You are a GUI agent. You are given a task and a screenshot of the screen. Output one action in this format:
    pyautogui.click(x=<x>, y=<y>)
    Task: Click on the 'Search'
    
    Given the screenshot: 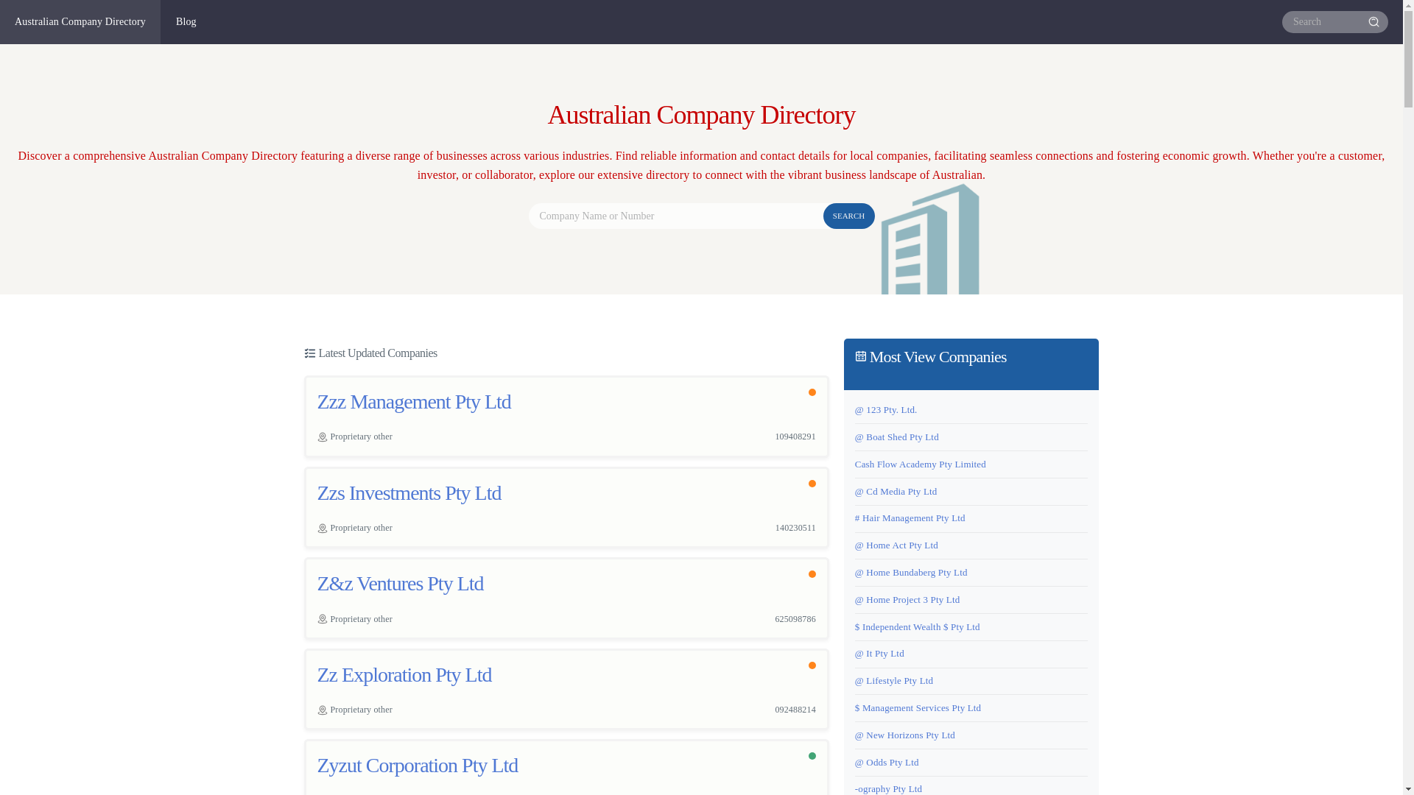 What is the action you would take?
    pyautogui.click(x=1374, y=22)
    